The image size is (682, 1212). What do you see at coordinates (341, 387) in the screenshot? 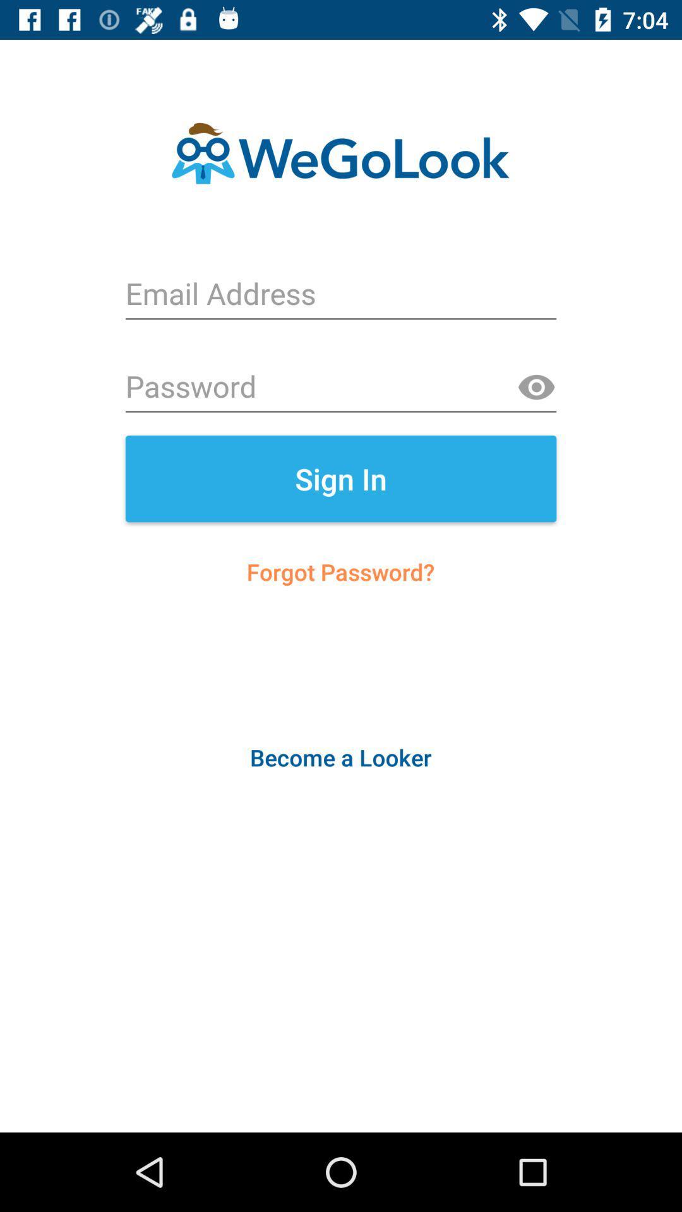
I see `input your password` at bounding box center [341, 387].